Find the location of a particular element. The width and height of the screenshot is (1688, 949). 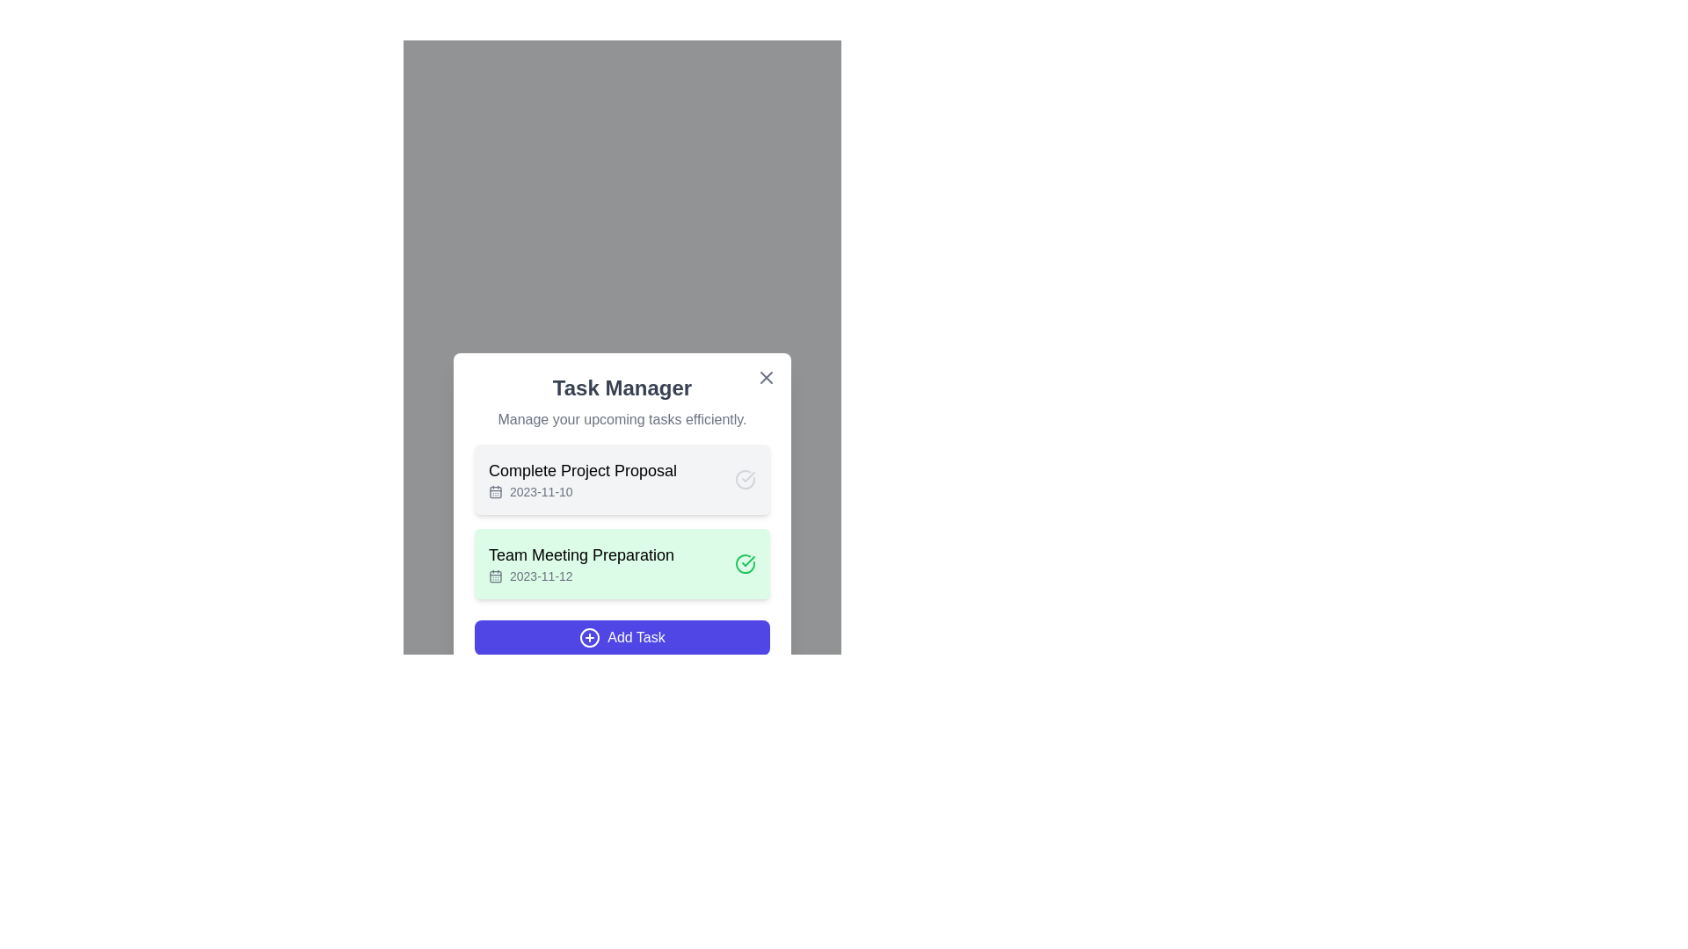

the Header with the title 'Task Manager' and the subtitle 'Manage your upcoming tasks efficiently.' is located at coordinates (622, 402).